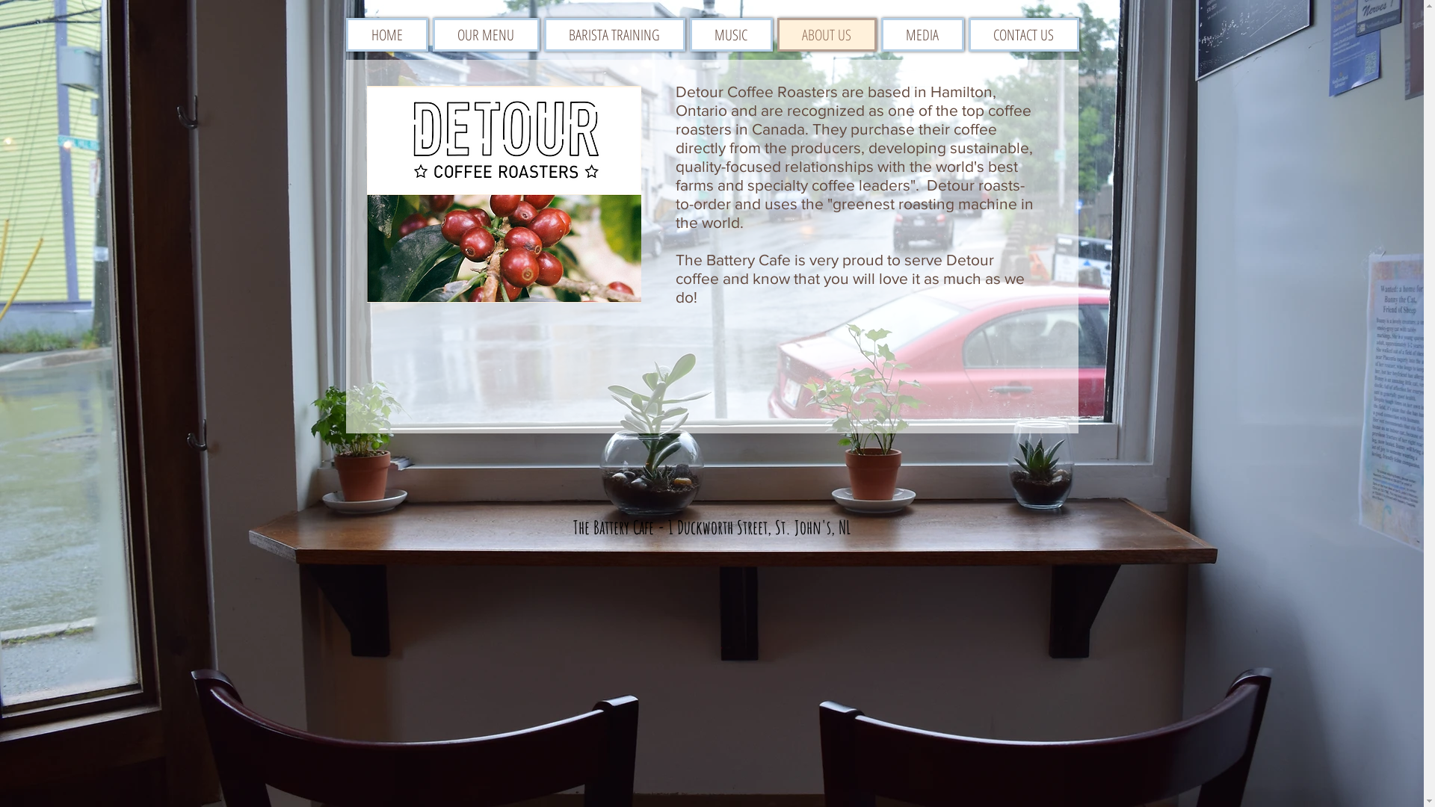 Image resolution: width=1435 pixels, height=807 pixels. Describe the element at coordinates (614, 34) in the screenshot. I see `'BARISTA TRAINING'` at that location.